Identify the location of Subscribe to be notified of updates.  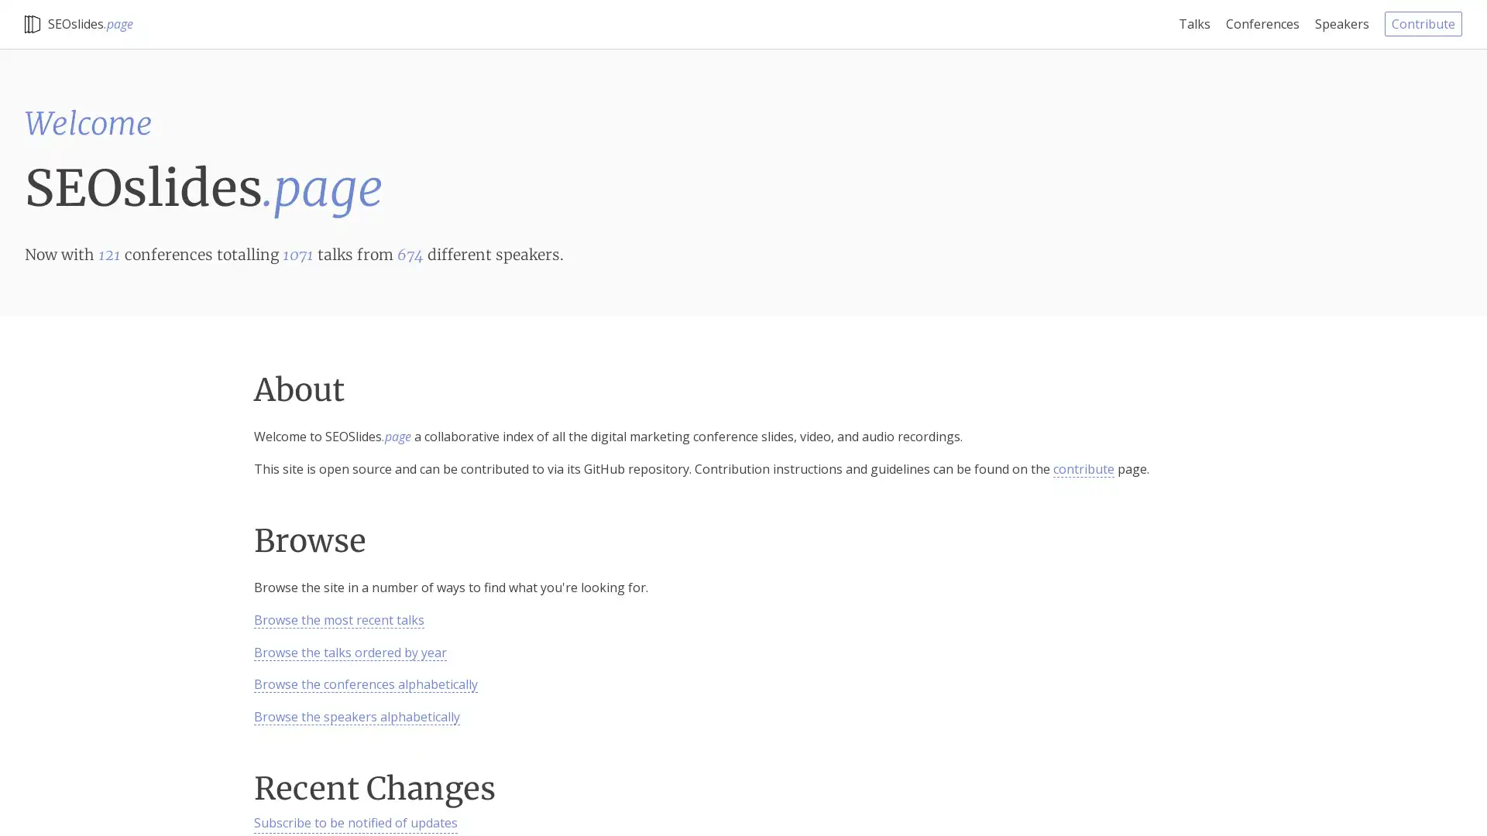
(355, 823).